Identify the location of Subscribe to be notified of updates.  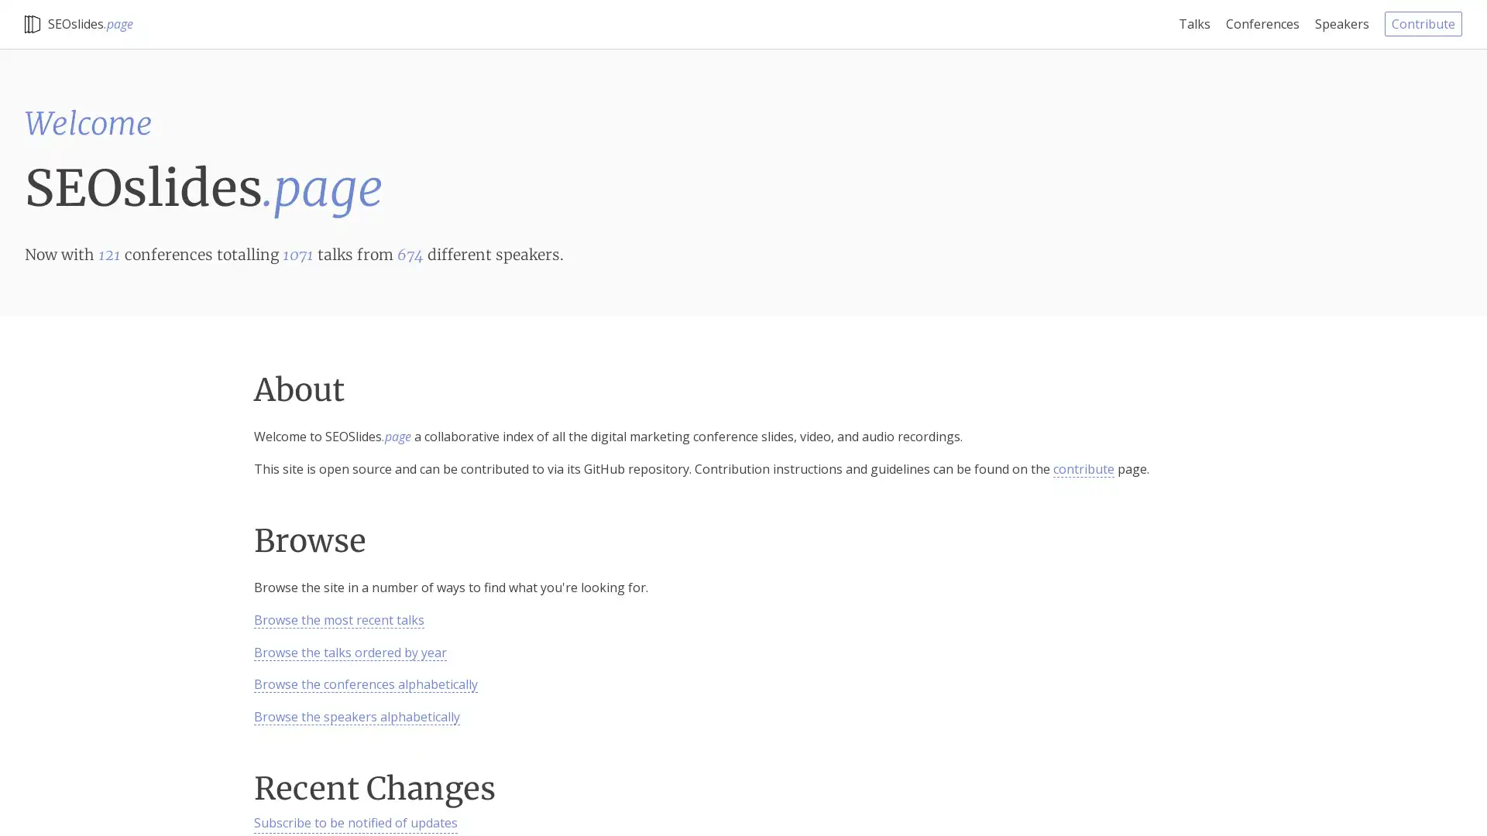
(355, 823).